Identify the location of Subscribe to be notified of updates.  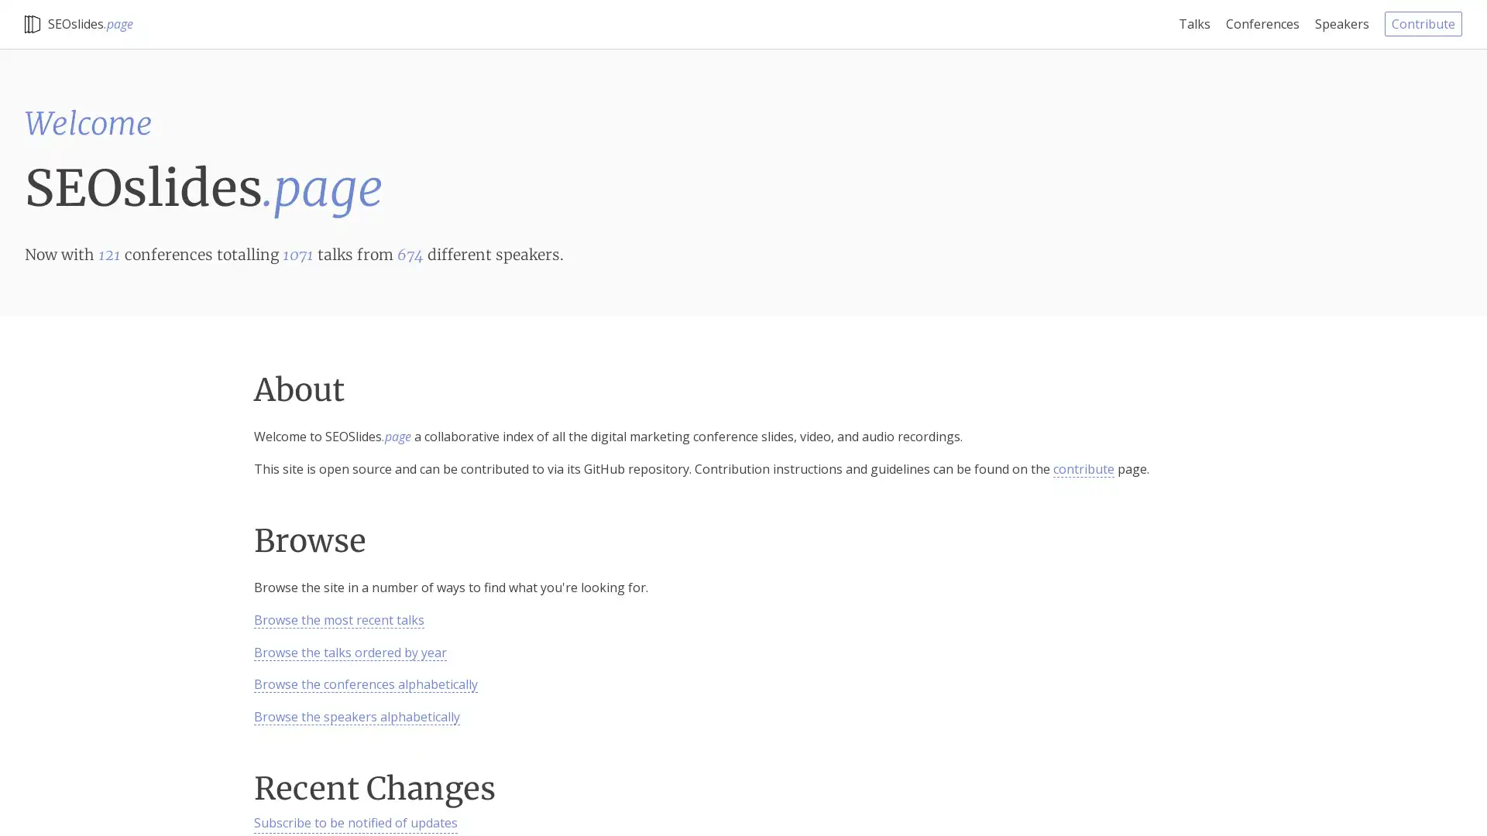
(355, 823).